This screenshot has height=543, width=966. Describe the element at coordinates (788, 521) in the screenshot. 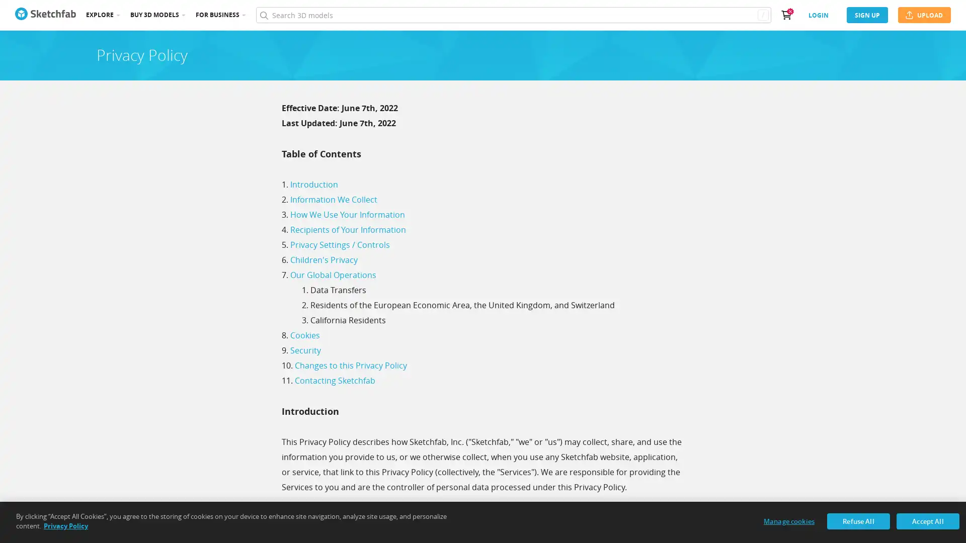

I see `Manage cookies` at that location.